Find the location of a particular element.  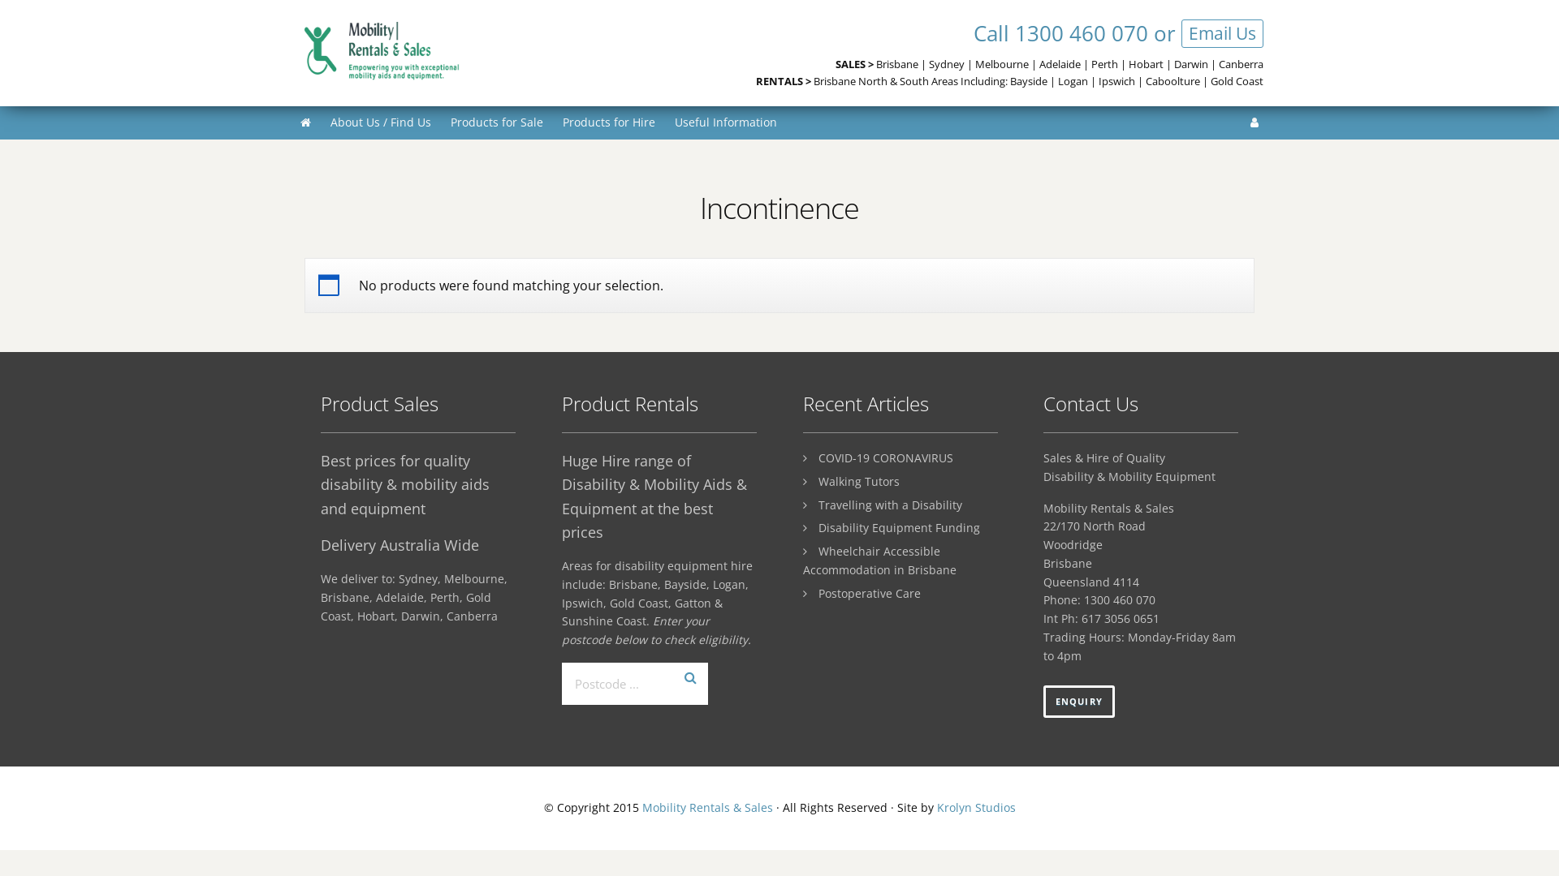

'Walking Tutors' is located at coordinates (818, 480).